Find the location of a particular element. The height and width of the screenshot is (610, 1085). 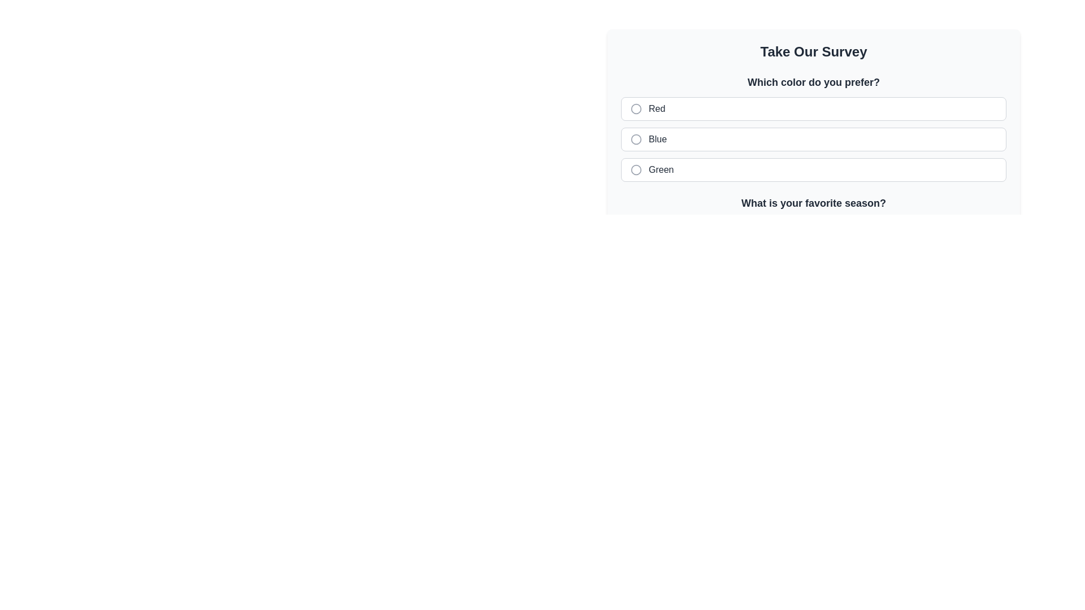

the unselected radio button for 'Green' is located at coordinates (636, 169).